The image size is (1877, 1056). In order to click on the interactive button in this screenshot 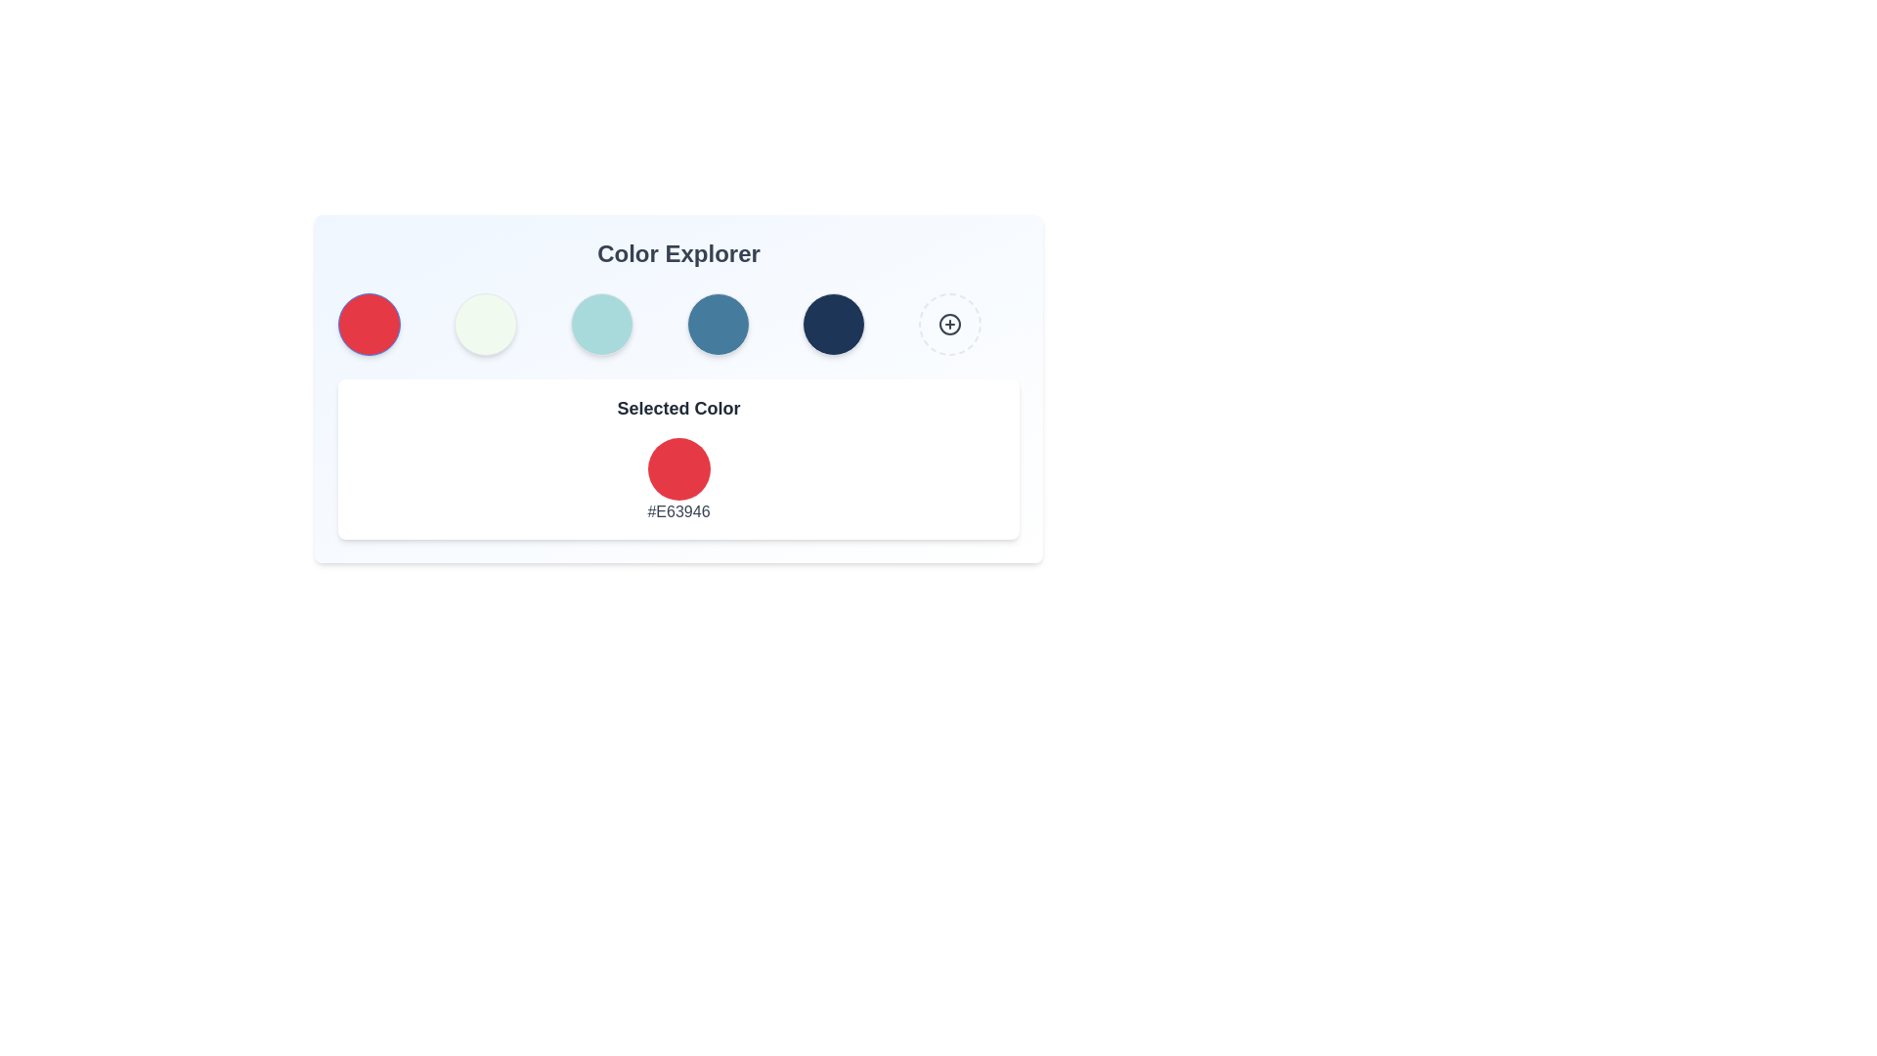, I will do `click(949, 323)`.